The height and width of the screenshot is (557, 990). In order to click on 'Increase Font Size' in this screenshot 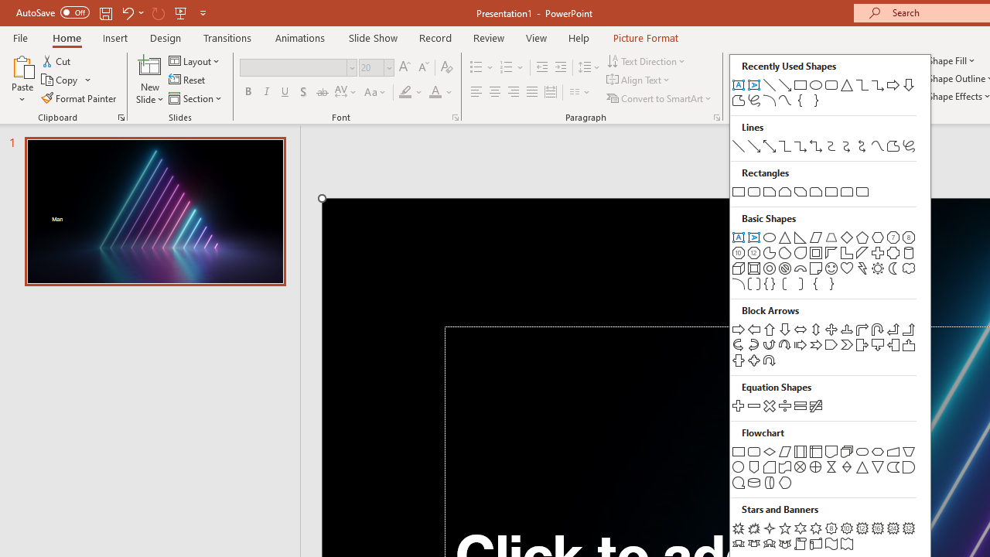, I will do `click(404, 67)`.